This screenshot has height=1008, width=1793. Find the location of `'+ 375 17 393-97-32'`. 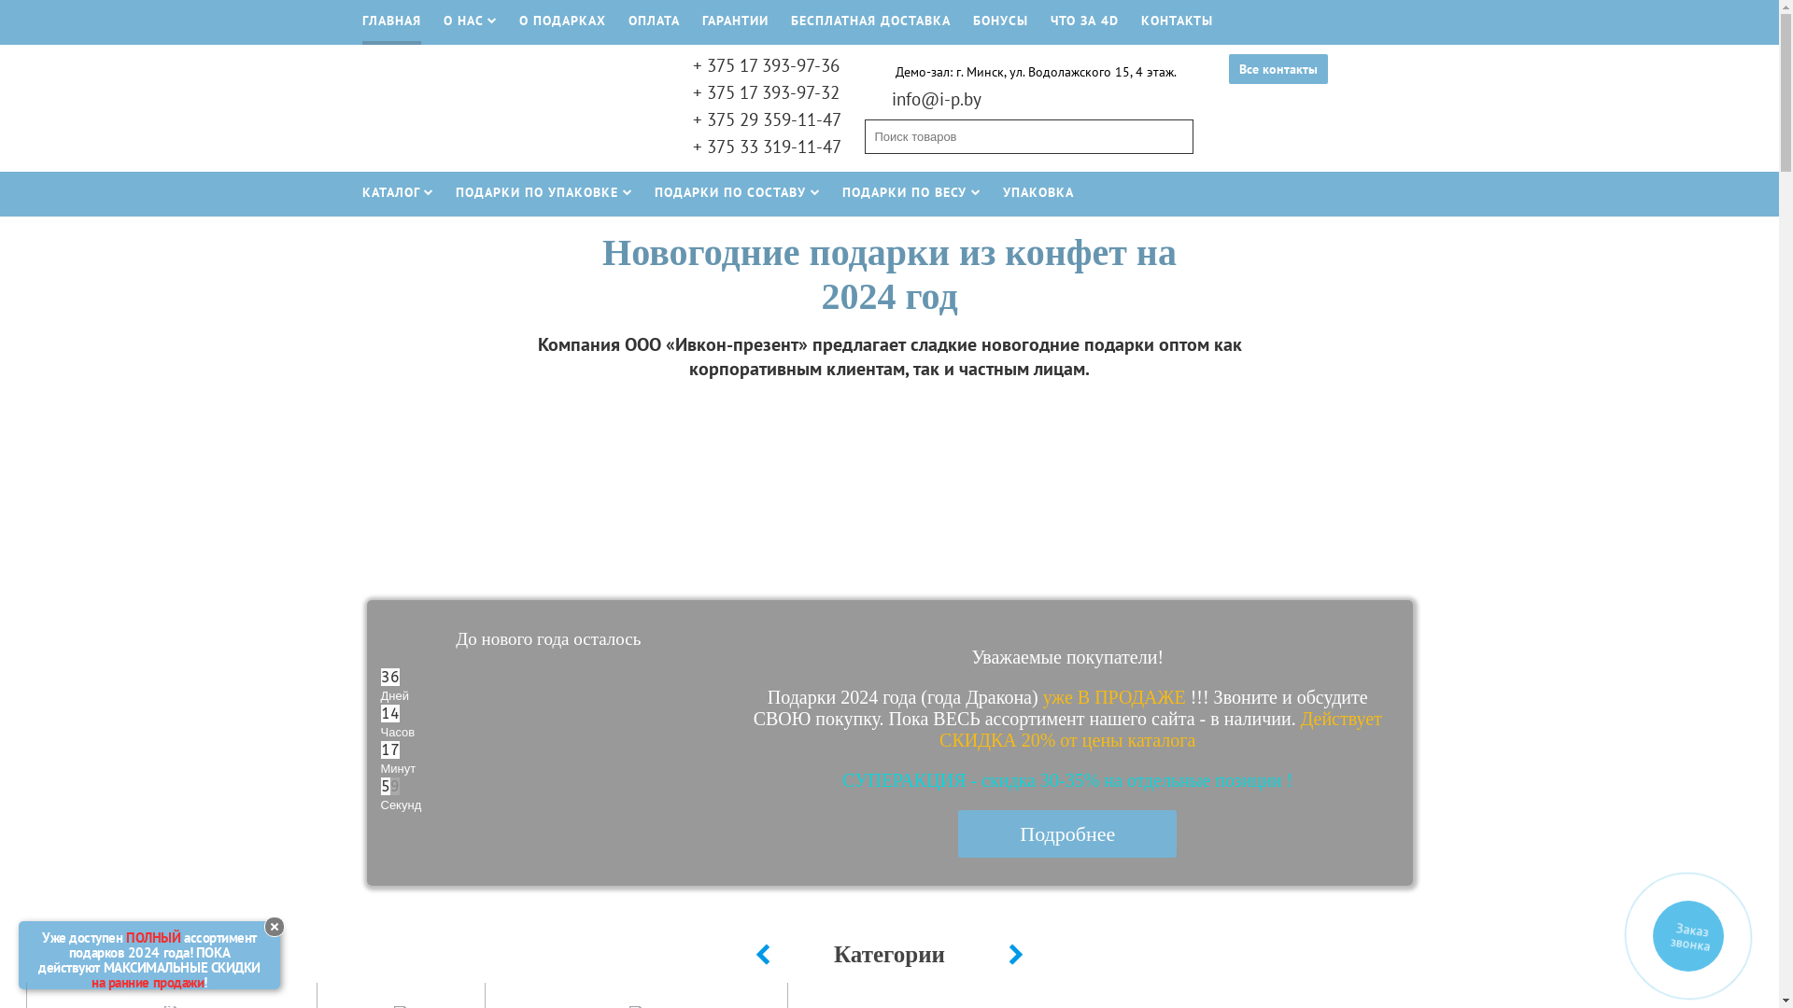

'+ 375 17 393-97-32' is located at coordinates (766, 92).